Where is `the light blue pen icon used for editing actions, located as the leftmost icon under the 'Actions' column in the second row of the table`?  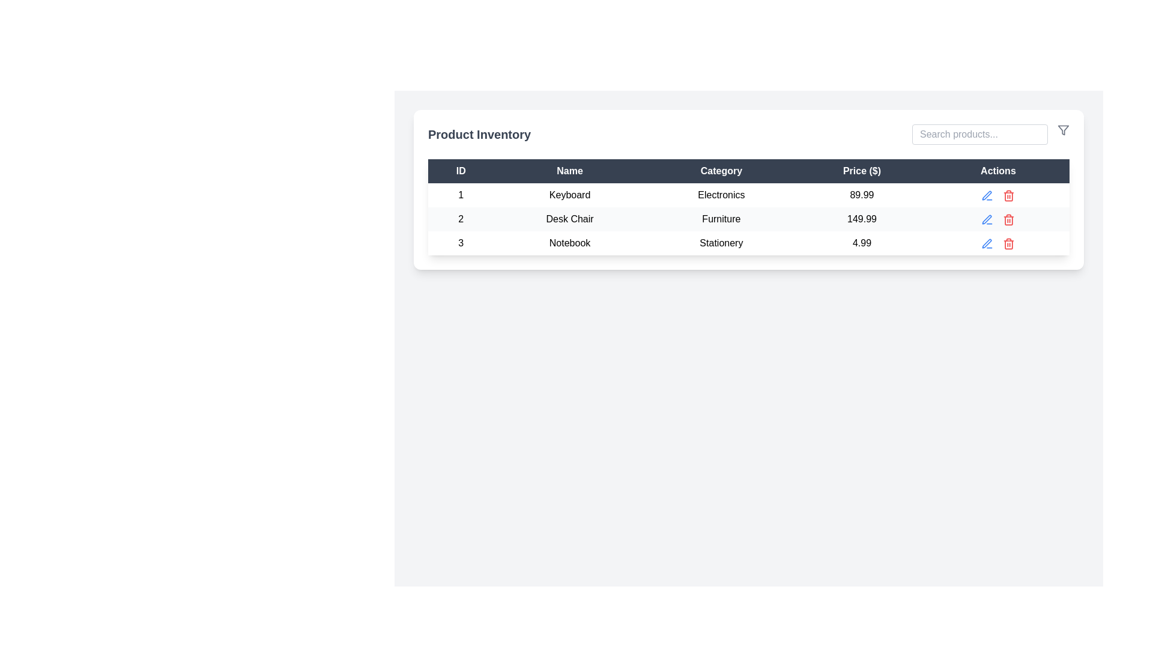
the light blue pen icon used for editing actions, located as the leftmost icon under the 'Actions' column in the second row of the table is located at coordinates (987, 195).